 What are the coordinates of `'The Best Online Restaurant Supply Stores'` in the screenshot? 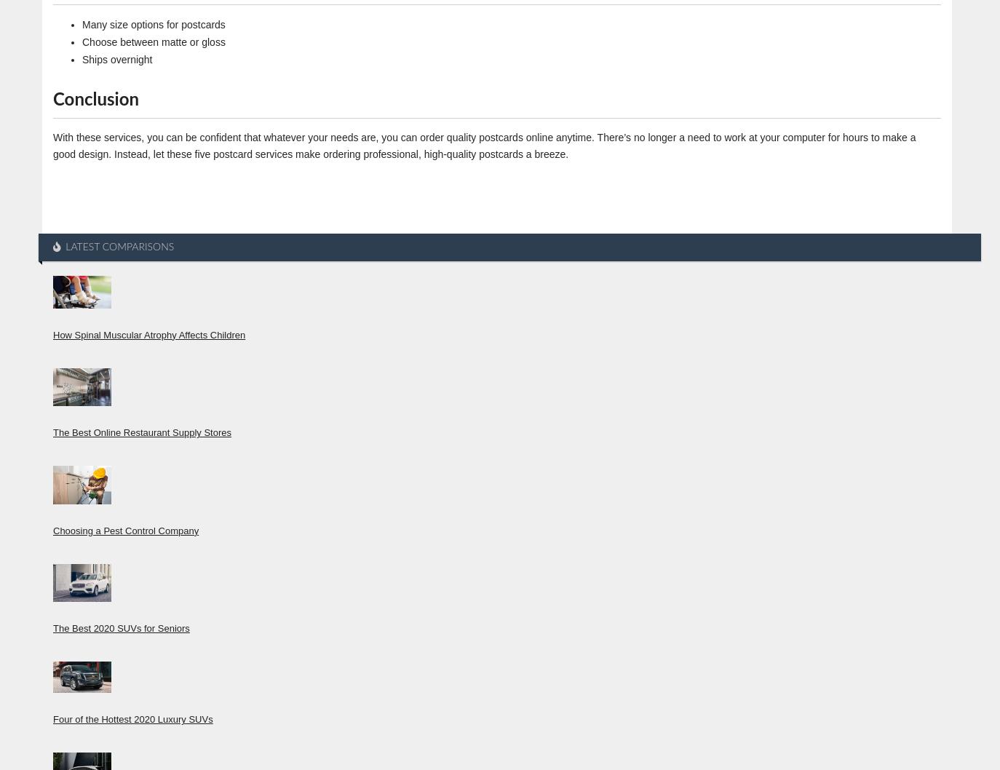 It's located at (52, 432).